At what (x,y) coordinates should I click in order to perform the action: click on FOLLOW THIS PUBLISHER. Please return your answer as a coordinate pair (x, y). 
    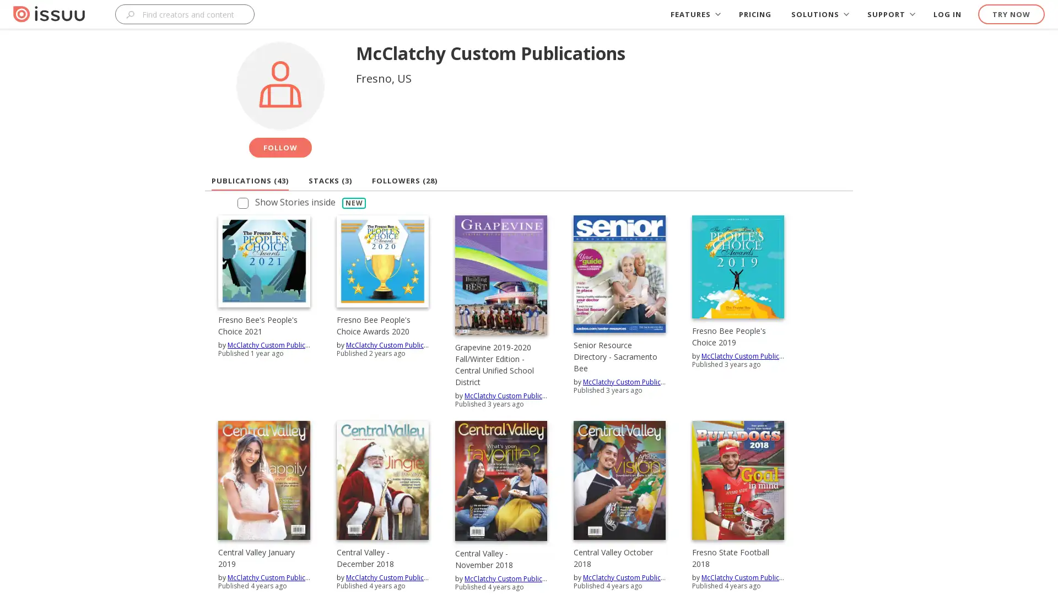
    Looking at the image, I should click on (280, 147).